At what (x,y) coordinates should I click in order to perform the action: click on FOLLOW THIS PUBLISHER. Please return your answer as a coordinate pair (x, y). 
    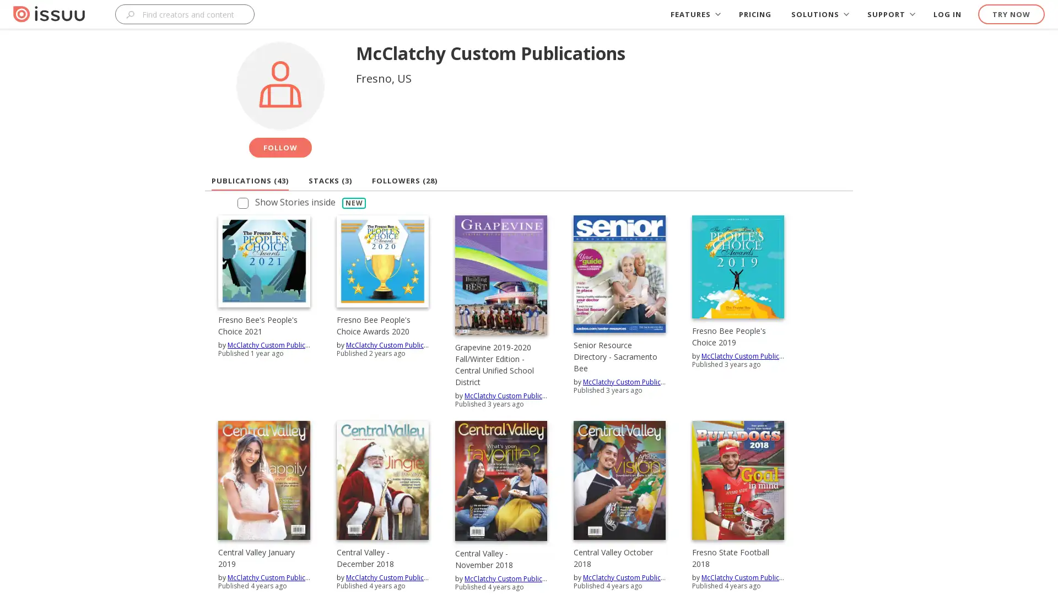
    Looking at the image, I should click on (280, 147).